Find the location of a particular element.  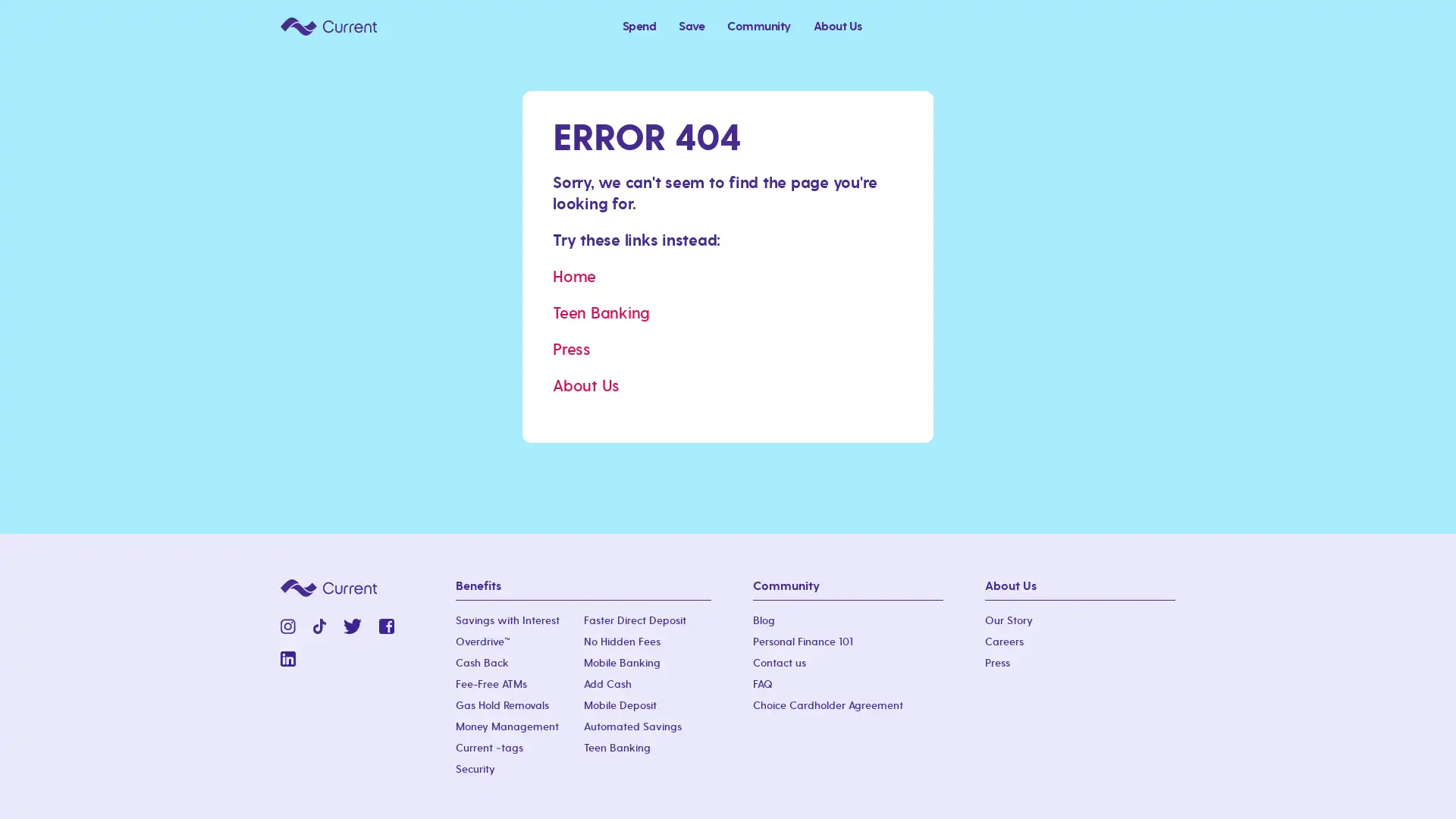

Cash Back is located at coordinates (482, 663).